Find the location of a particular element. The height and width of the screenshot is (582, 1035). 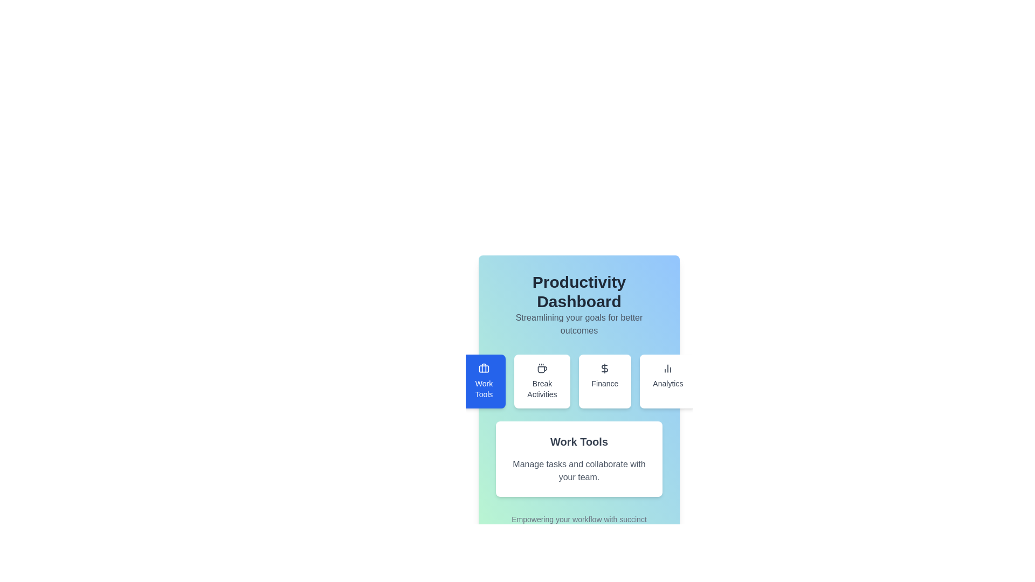

the tab labeled Break Activities to view its content is located at coordinates (542, 381).